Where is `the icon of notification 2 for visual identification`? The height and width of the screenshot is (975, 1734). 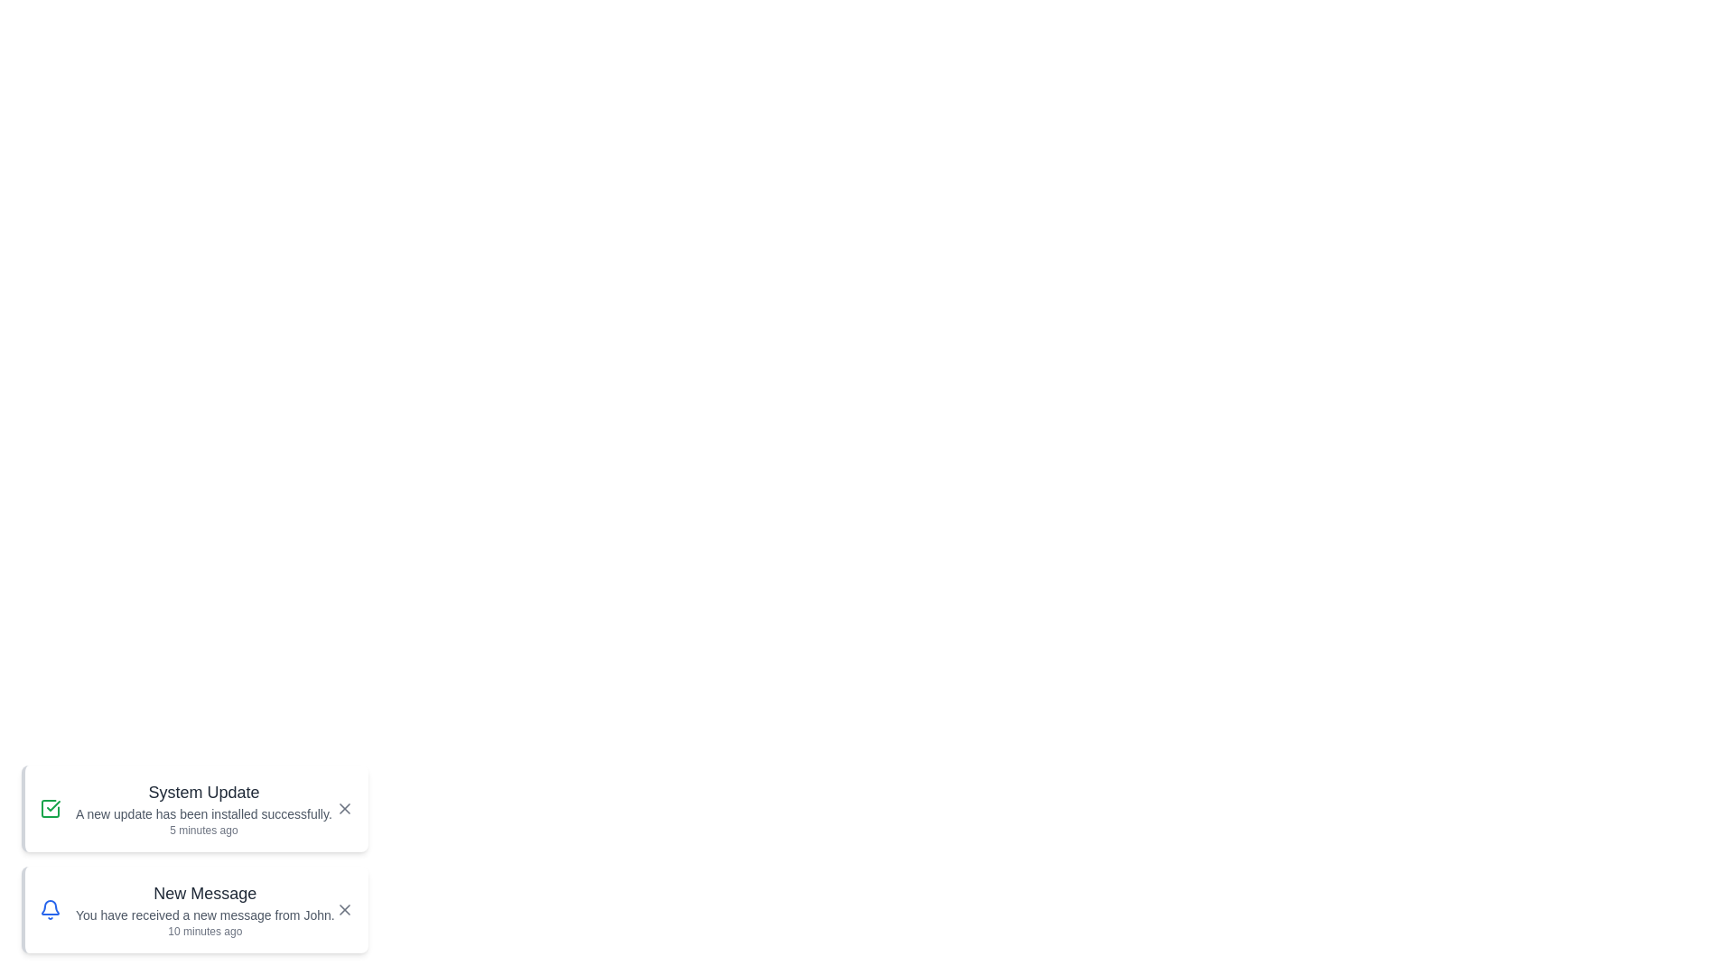
the icon of notification 2 for visual identification is located at coordinates (51, 909).